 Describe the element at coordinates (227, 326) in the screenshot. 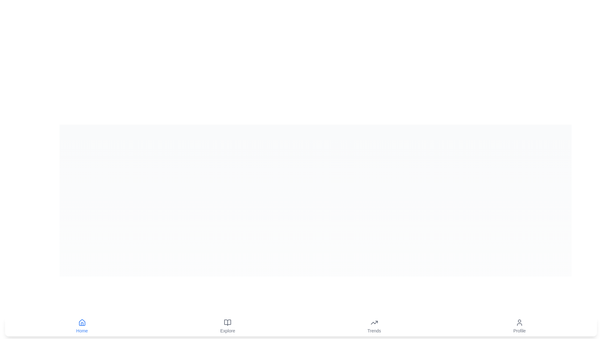

I see `the tab labeled Explore to navigate to the respective section` at that location.